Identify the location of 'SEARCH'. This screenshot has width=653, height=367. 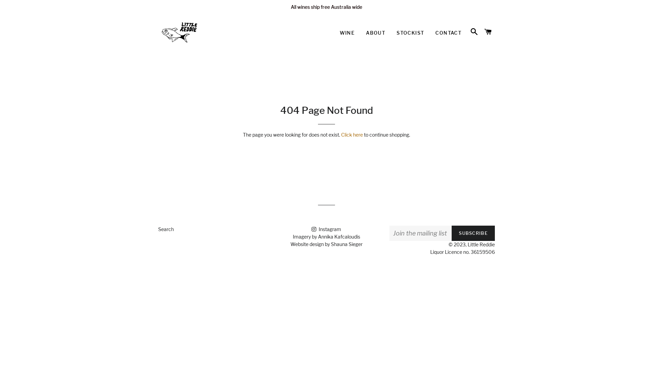
(473, 32).